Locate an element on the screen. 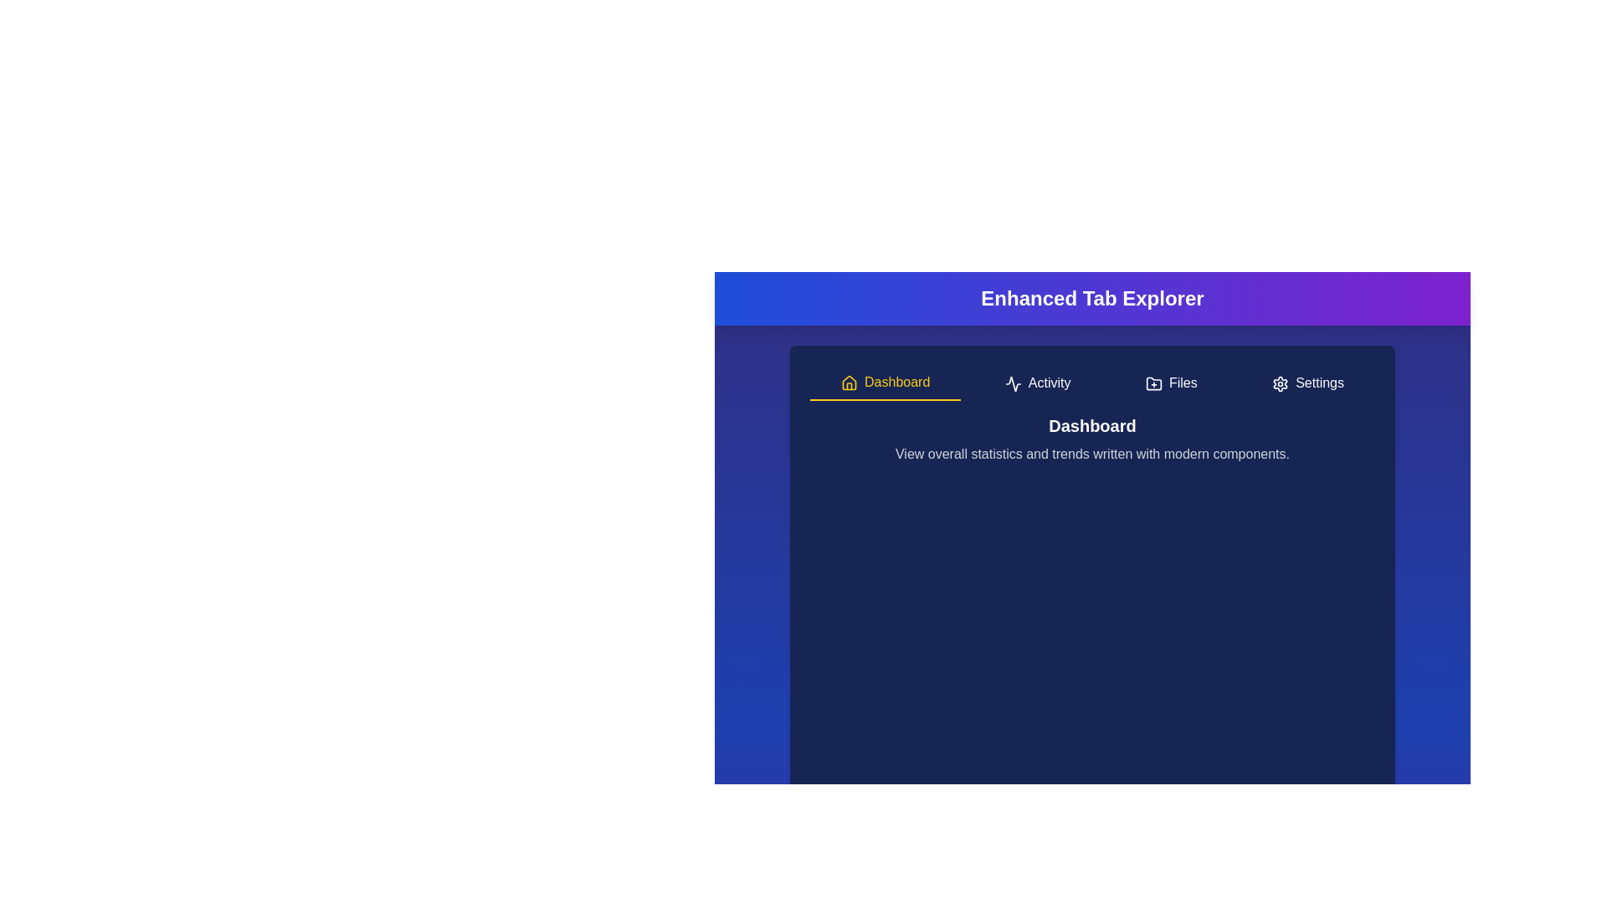  the Settings tab to navigate to it is located at coordinates (1307, 383).